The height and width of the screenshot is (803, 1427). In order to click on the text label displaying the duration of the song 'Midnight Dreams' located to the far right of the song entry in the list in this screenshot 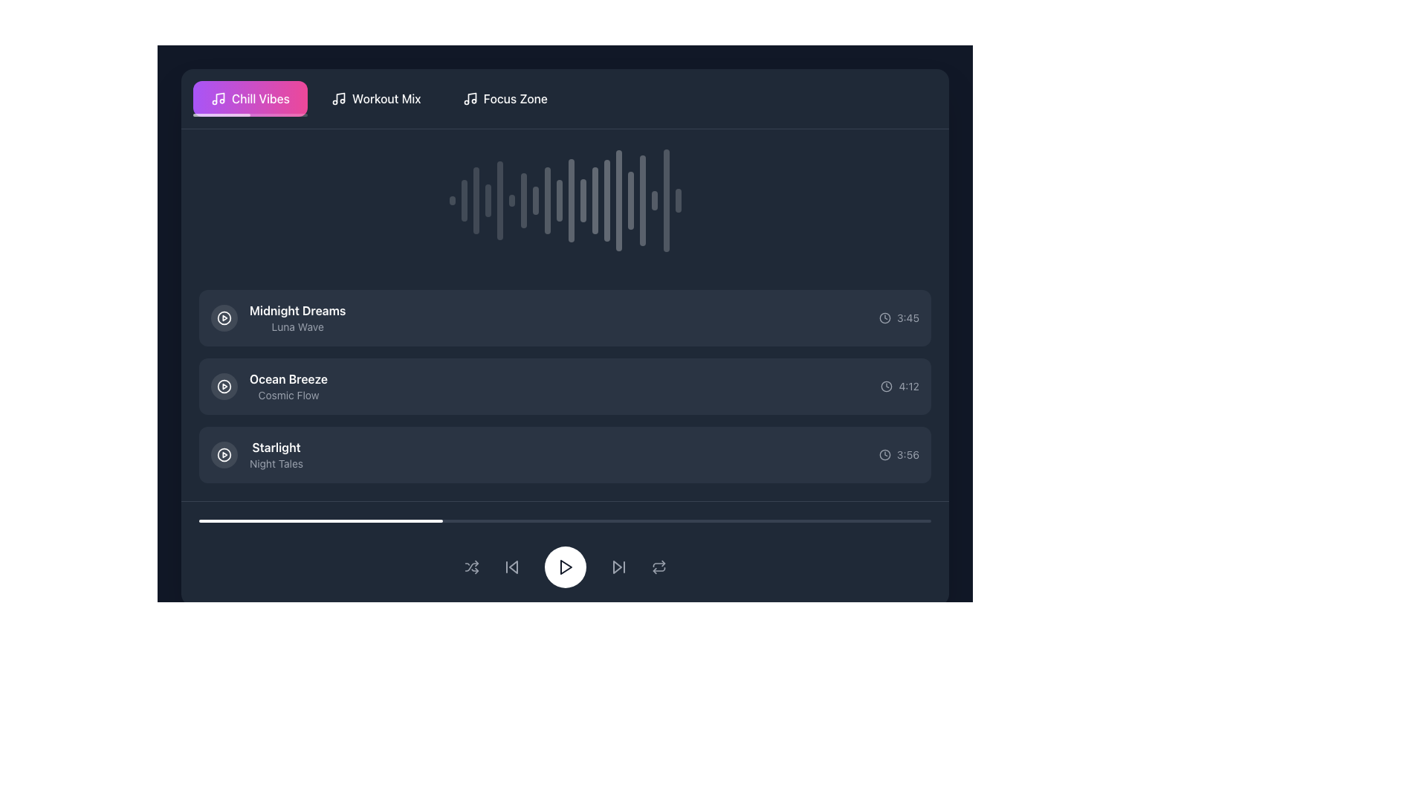, I will do `click(907, 317)`.